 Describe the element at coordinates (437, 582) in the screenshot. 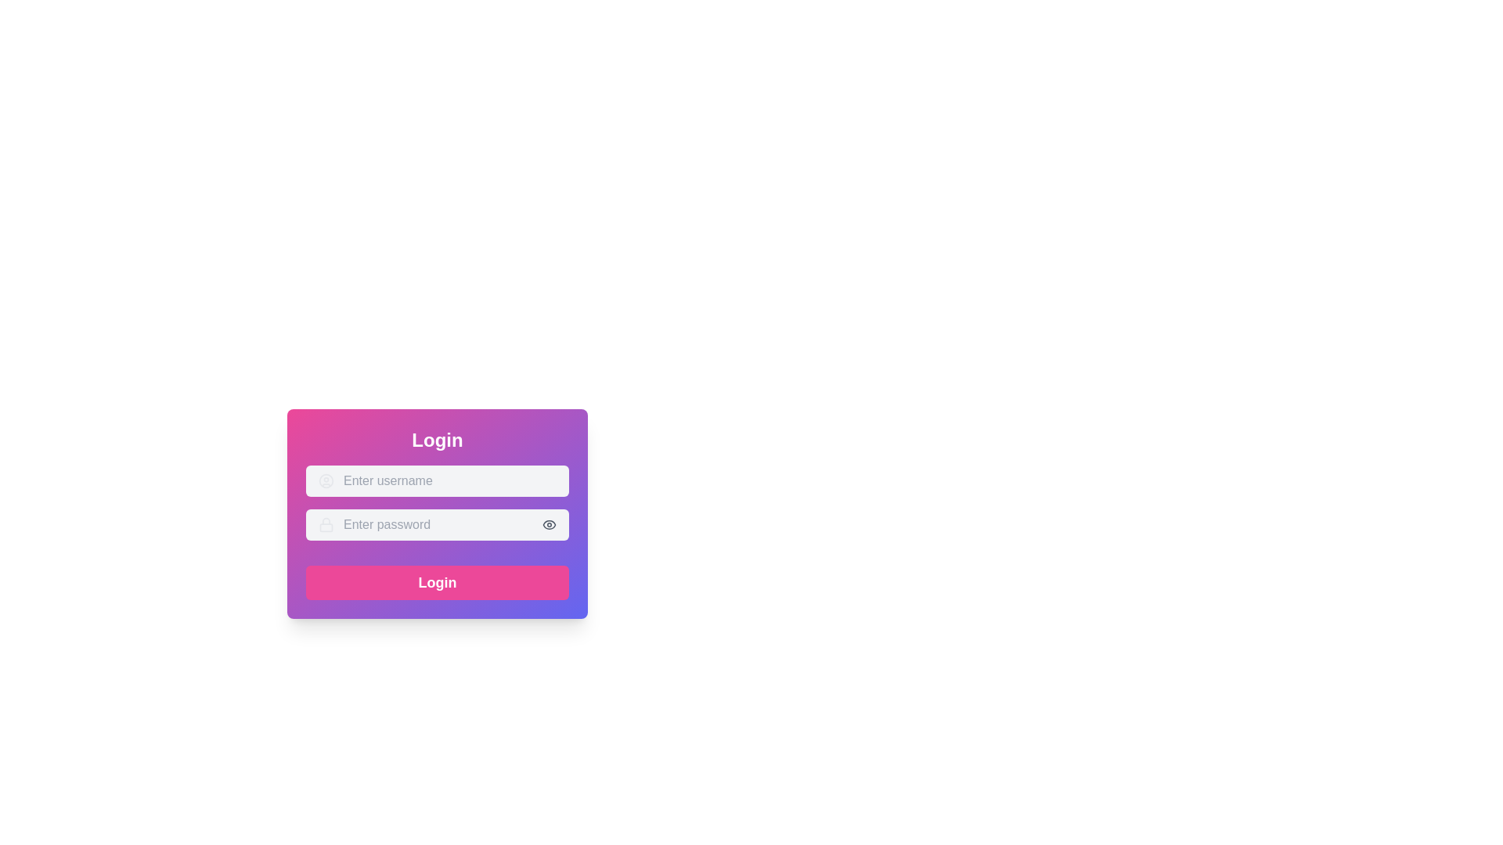

I see `the 'Login' button with rounded corners and a vibrant pink background` at that location.